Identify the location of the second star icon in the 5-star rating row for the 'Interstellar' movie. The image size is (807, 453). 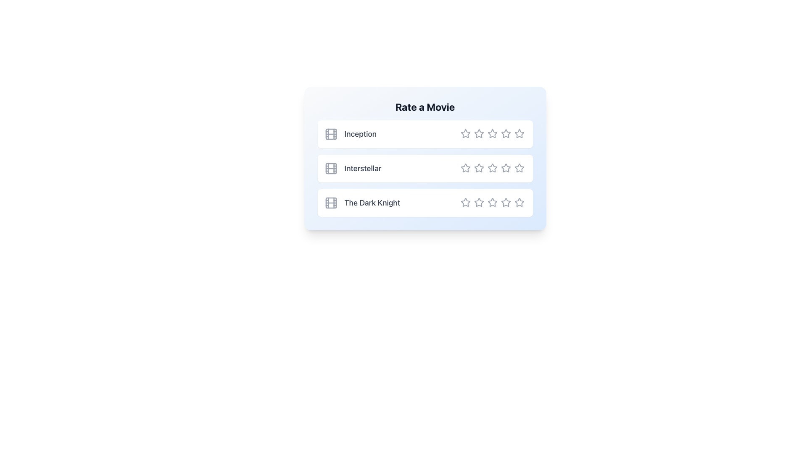
(479, 168).